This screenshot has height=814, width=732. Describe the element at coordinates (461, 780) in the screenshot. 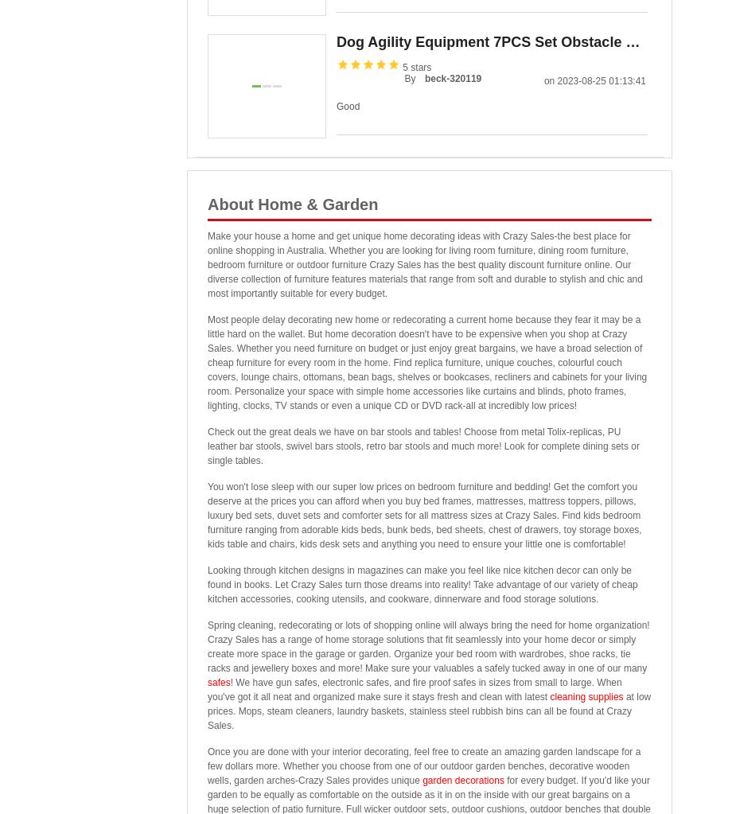

I see `'garden decorations'` at that location.